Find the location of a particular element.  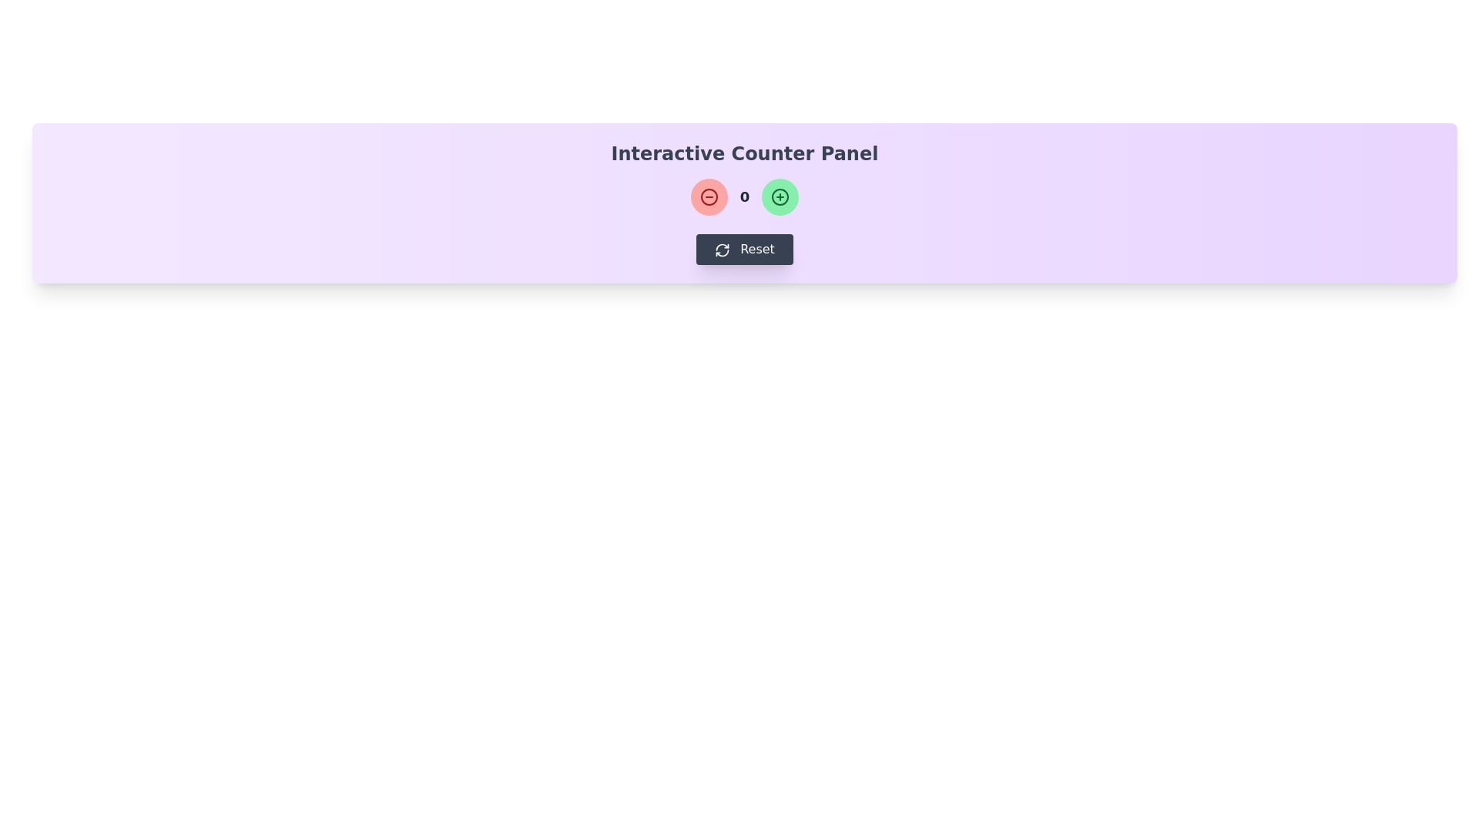

the decorative refresh icon located within the 'Reset' button, which is styled with a dark background and white text, positioned to the left of the 'Reset' text is located at coordinates (722, 249).